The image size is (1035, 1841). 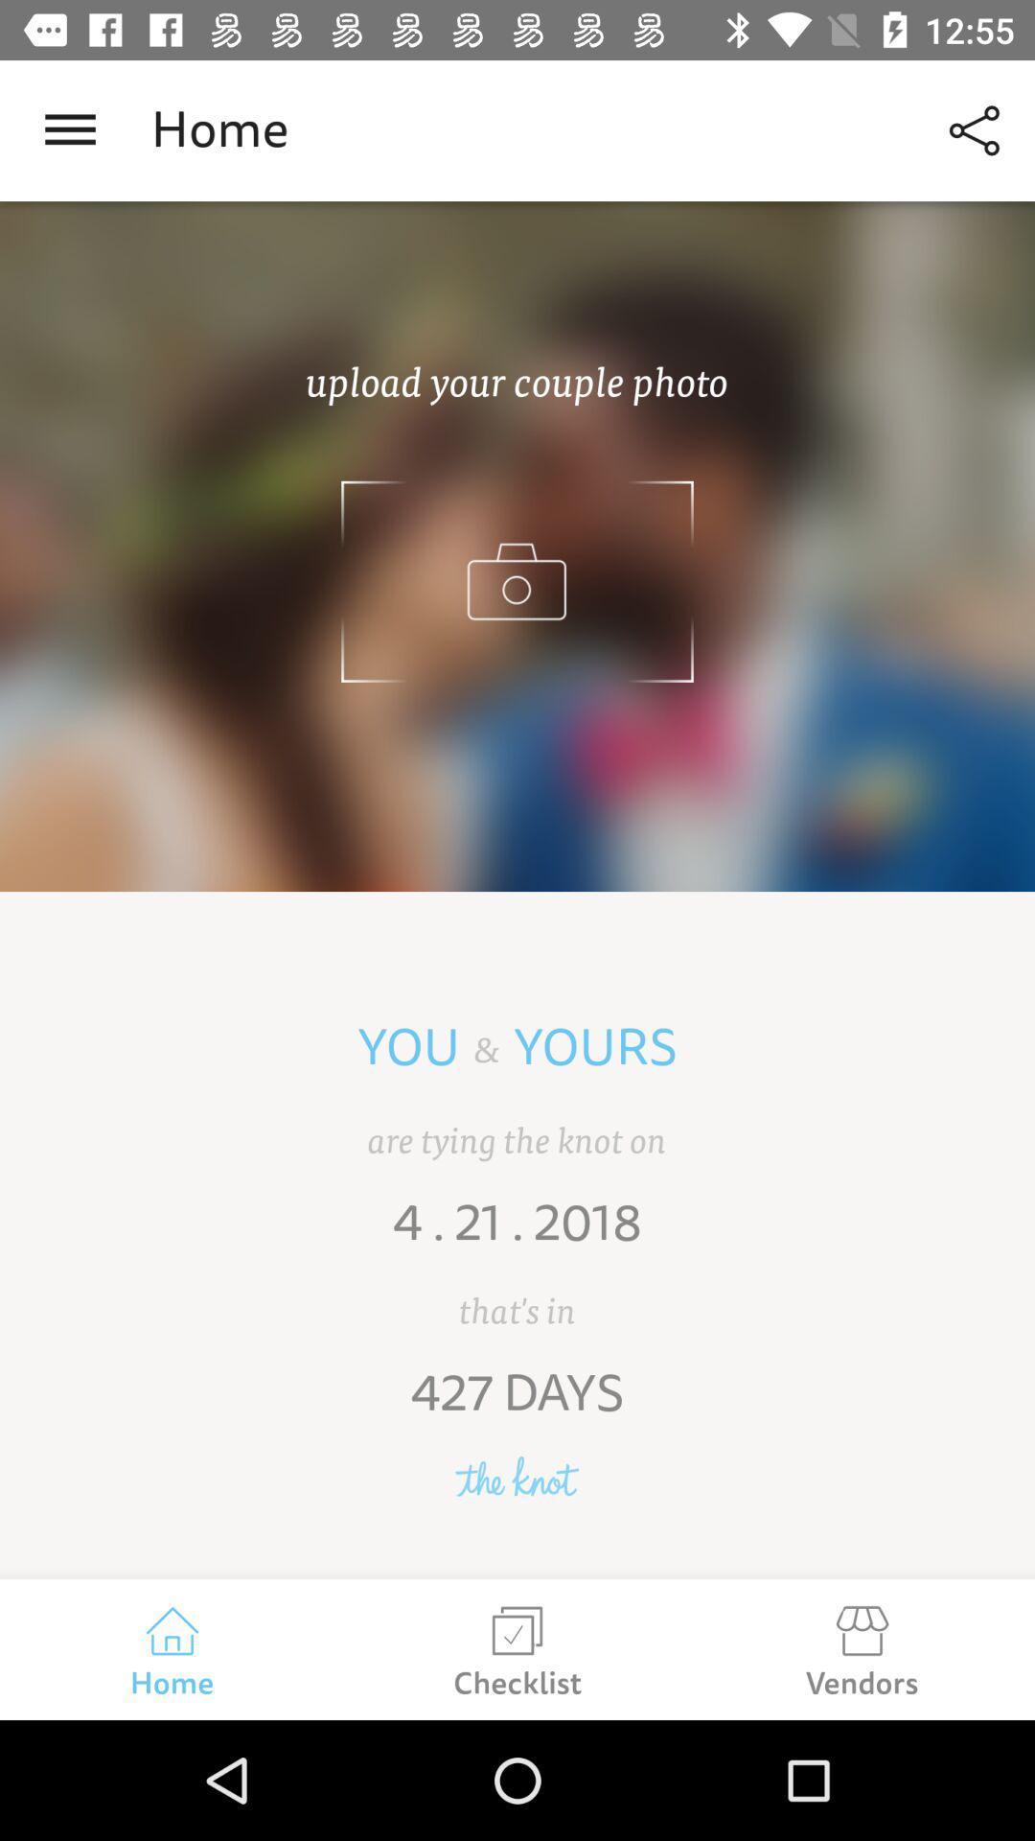 What do you see at coordinates (69, 129) in the screenshot?
I see `menu` at bounding box center [69, 129].